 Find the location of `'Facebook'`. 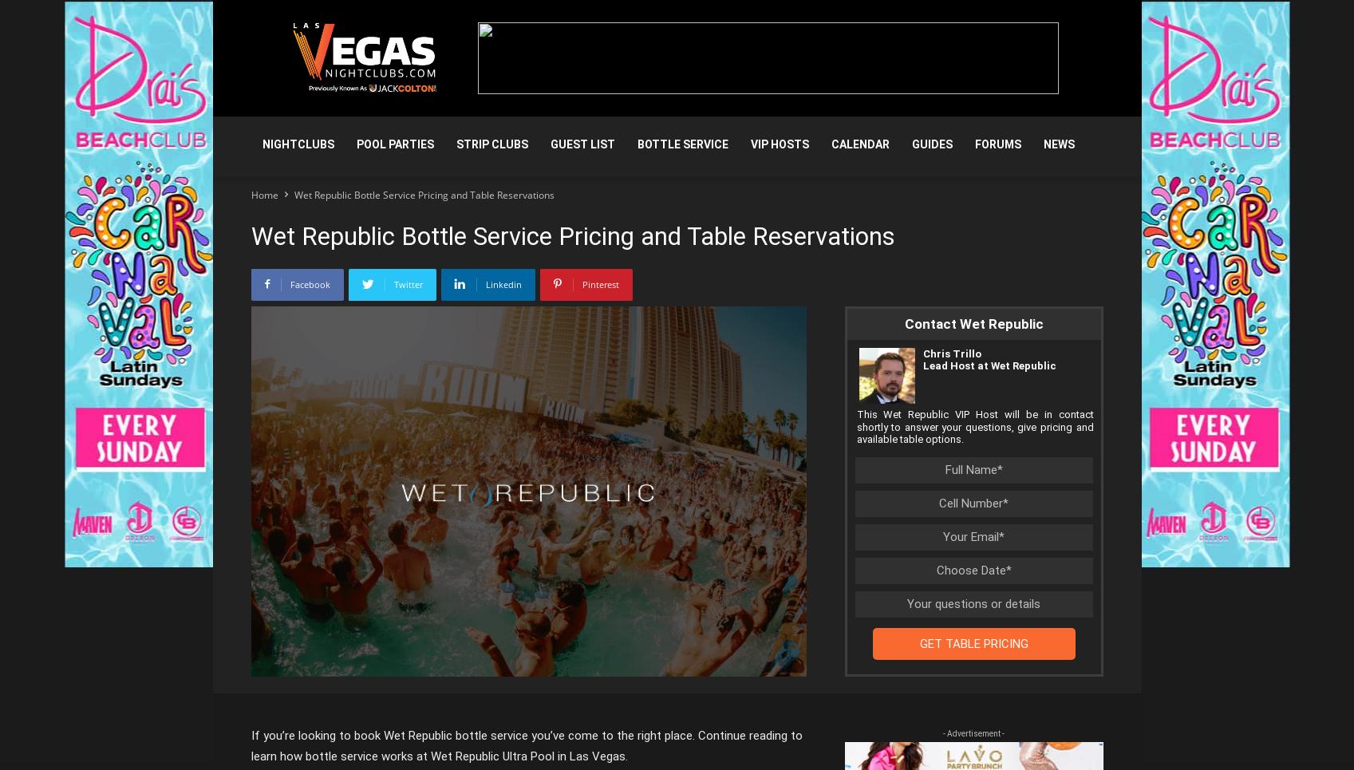

'Facebook' is located at coordinates (308, 284).